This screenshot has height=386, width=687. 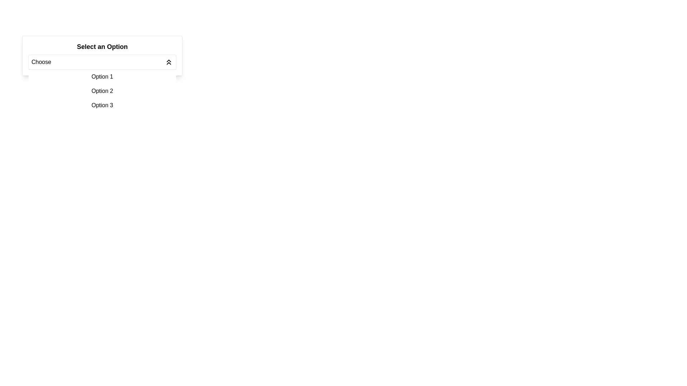 I want to click on the Dropdown menu option located beneath the 'Choose' label, so click(x=102, y=90).